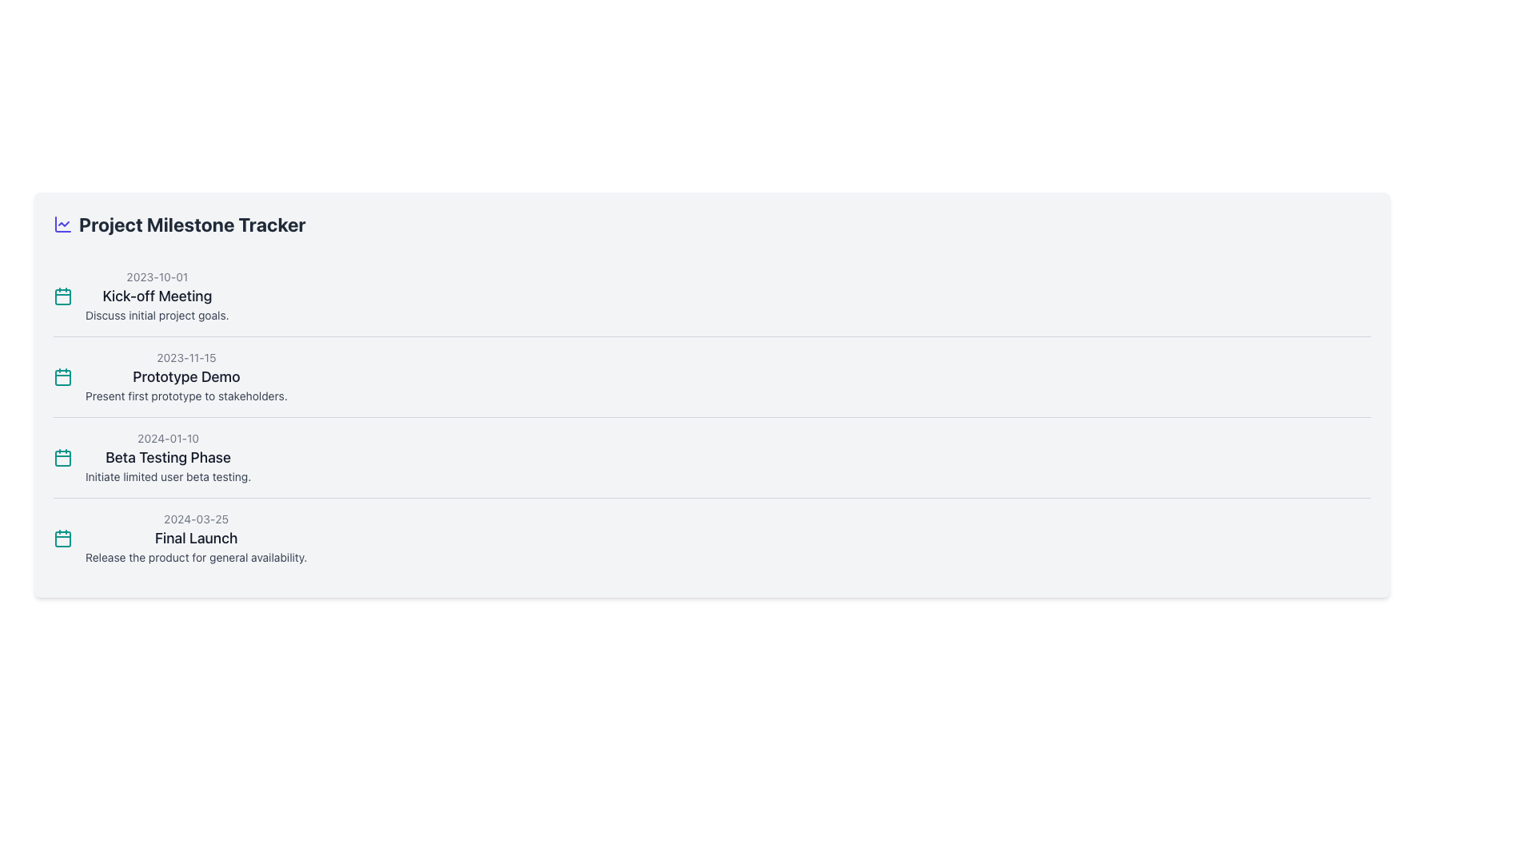 This screenshot has width=1535, height=863. I want to click on text element that serves as a title or heading, located near the top-left section of the interface beside a colorful icon, so click(192, 225).